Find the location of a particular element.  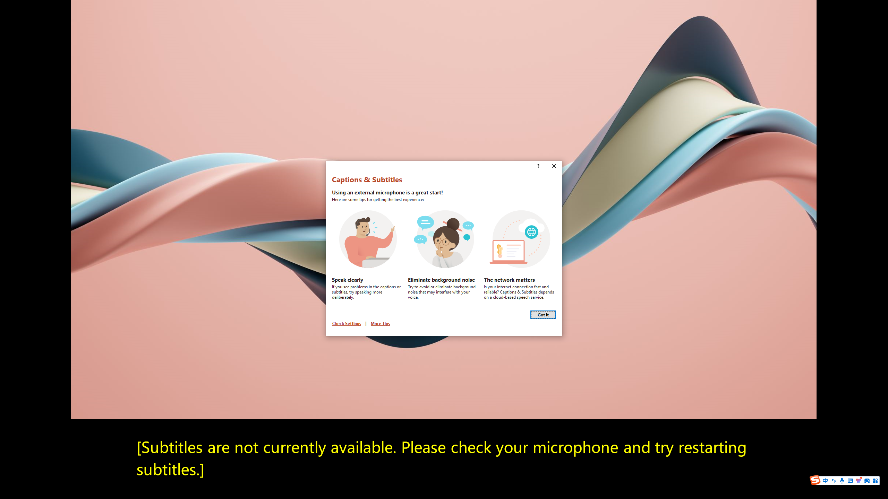

'Got it' is located at coordinates (543, 314).